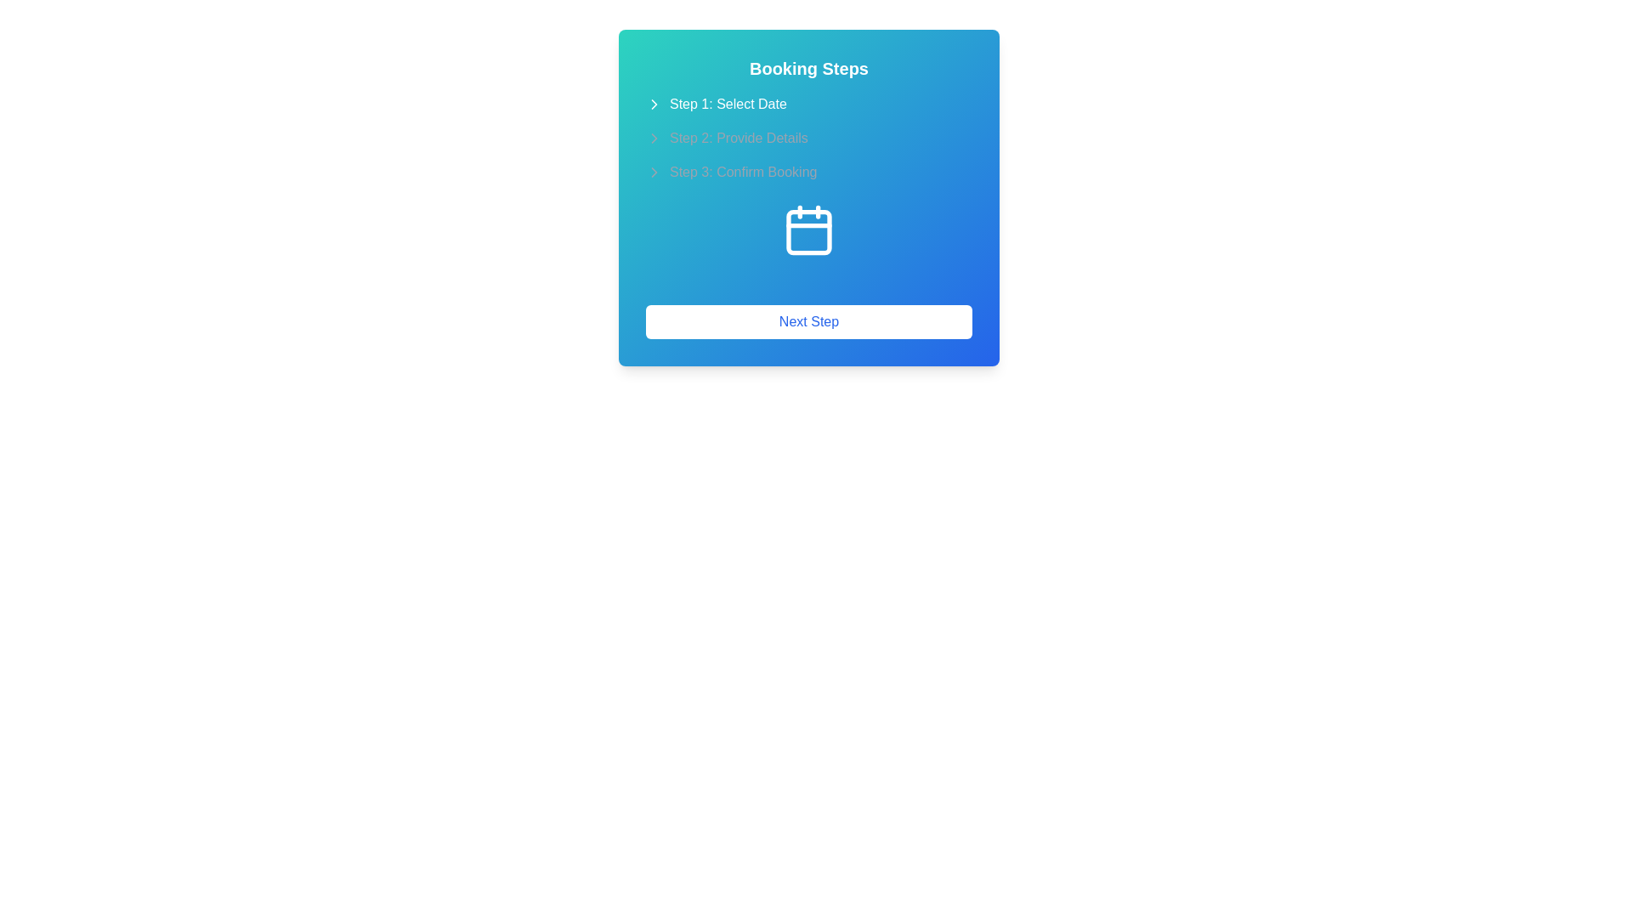 Image resolution: width=1632 pixels, height=918 pixels. I want to click on the title text element at the top of the card, which indicates the context of the steps listed below, so click(807, 68).